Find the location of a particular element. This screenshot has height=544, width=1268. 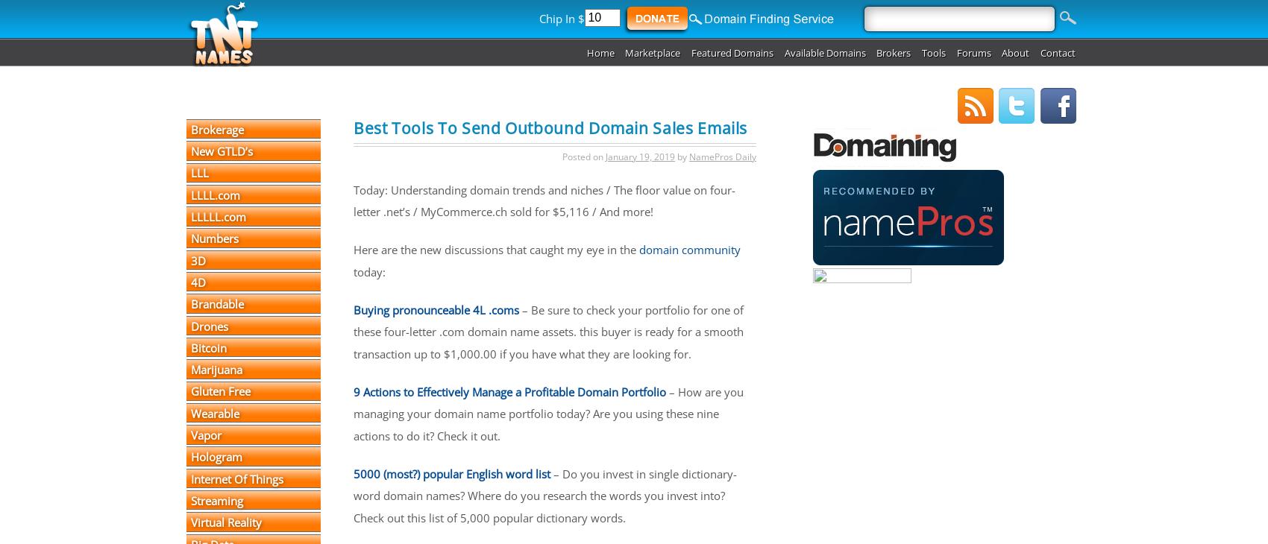

'Tools' is located at coordinates (933, 51).